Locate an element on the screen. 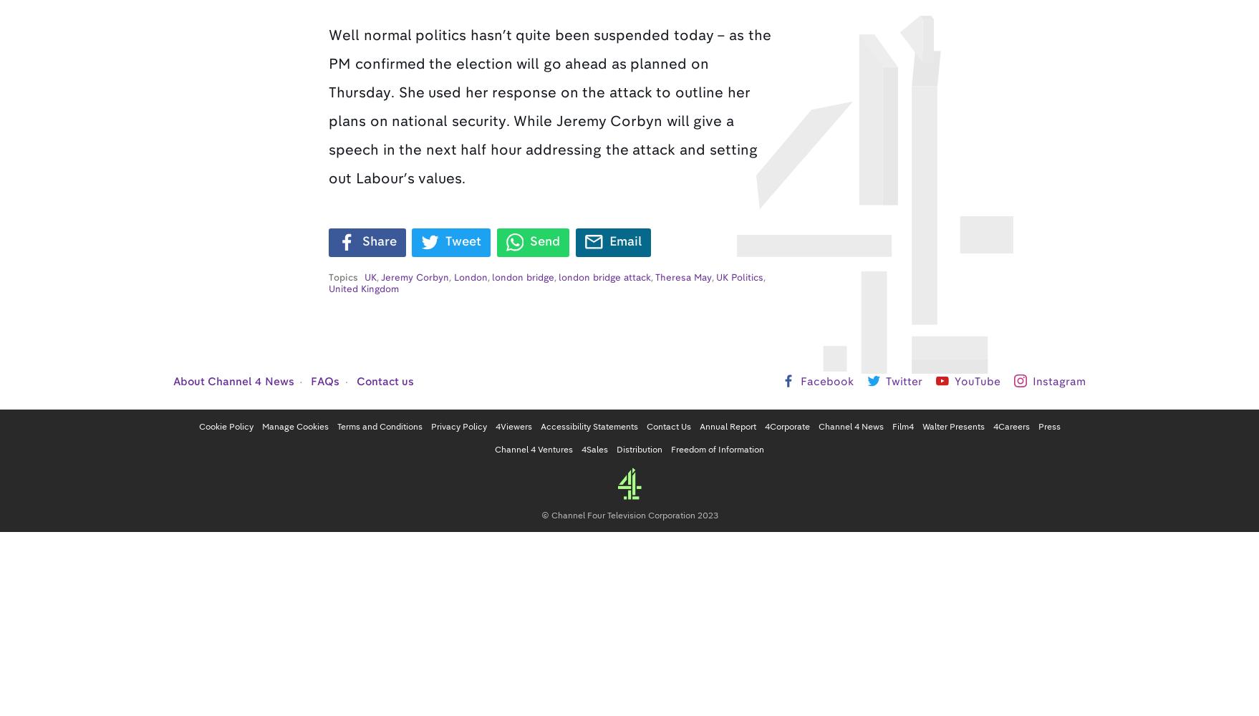 The image size is (1259, 716). '4Viewers' is located at coordinates (513, 425).